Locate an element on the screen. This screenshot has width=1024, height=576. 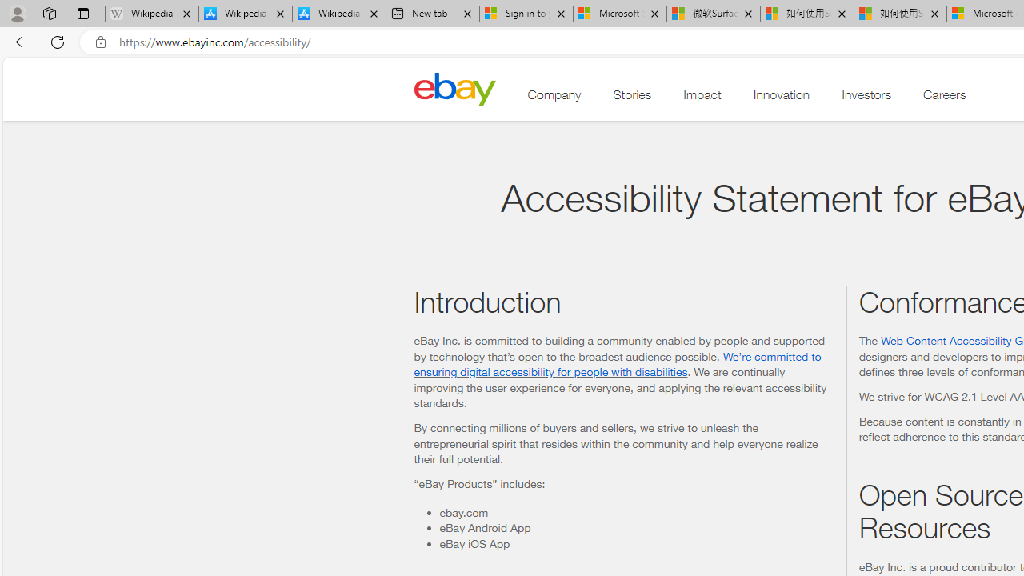
'Stories' is located at coordinates (631, 98).